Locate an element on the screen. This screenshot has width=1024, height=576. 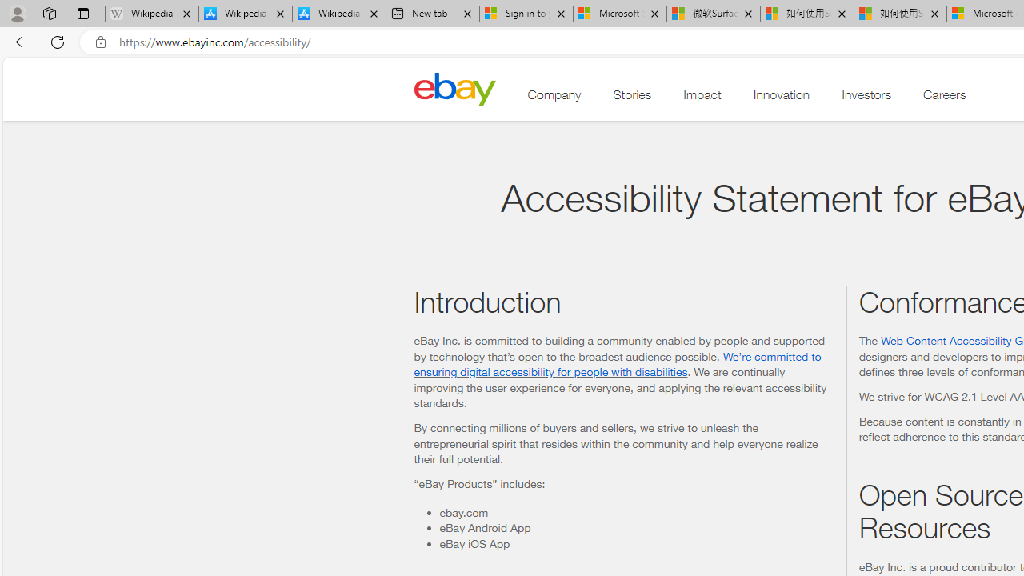
'Stories' is located at coordinates (631, 98).